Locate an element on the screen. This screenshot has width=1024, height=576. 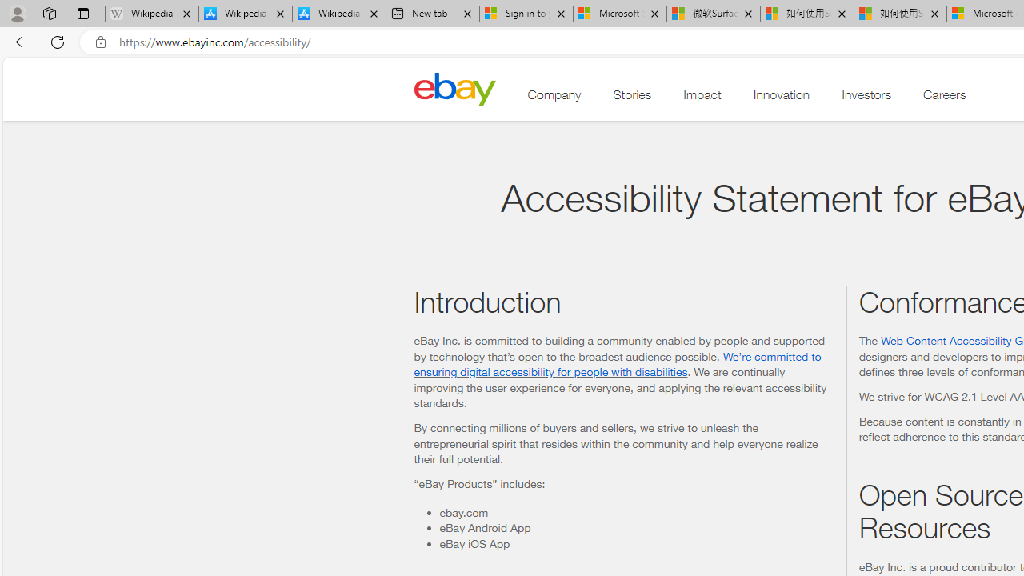
'Stories' is located at coordinates (631, 98).